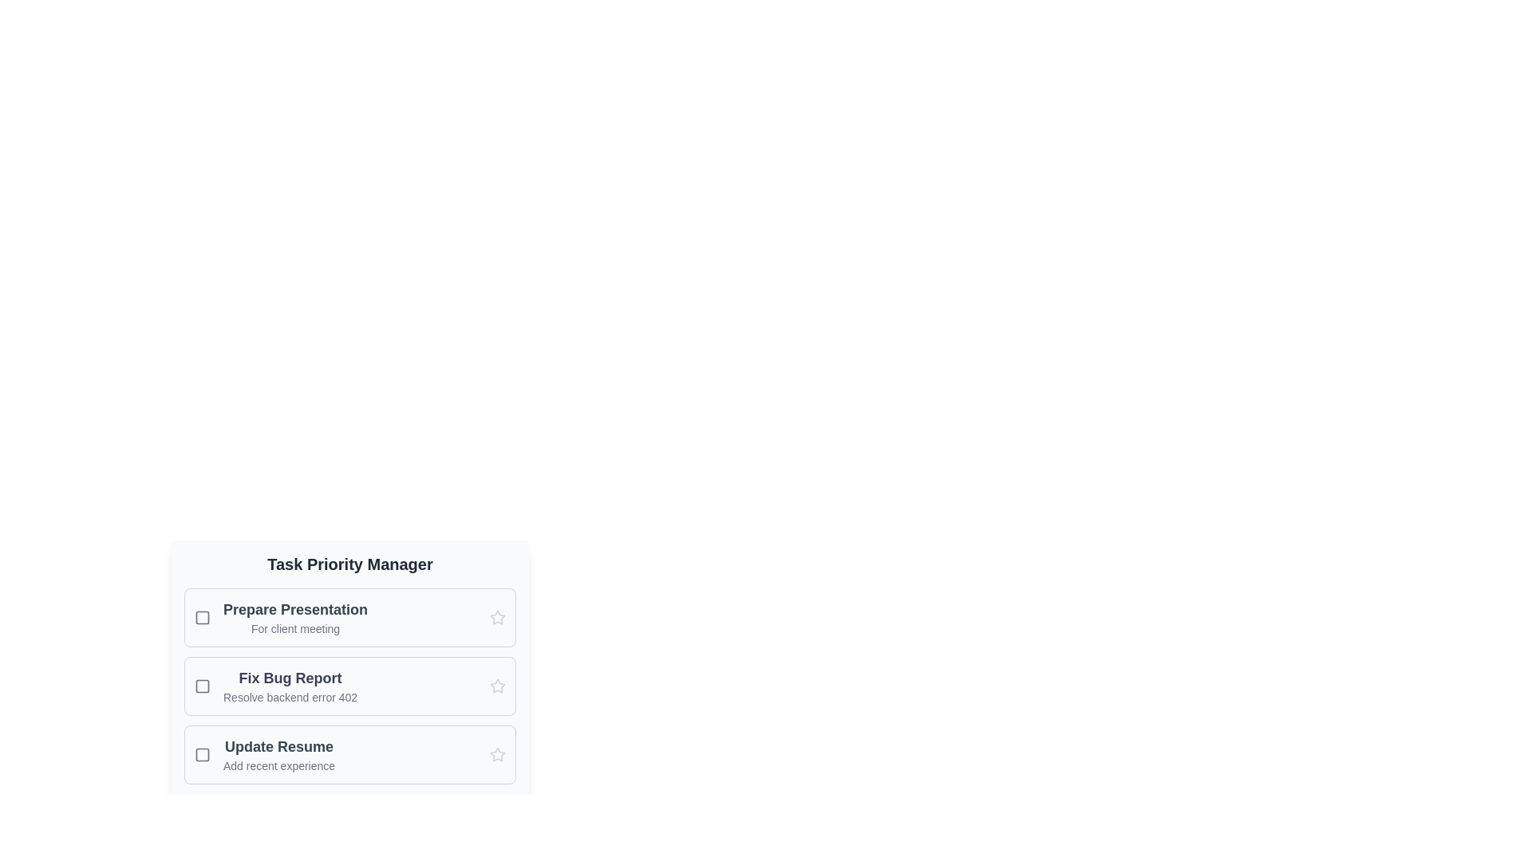 The height and width of the screenshot is (861, 1532). I want to click on the static text label that serves as the title for the first task in the 'Task Priority Manager' list, located above the 'For client meeting' subtext and to the right of the checkbox, so click(295, 609).